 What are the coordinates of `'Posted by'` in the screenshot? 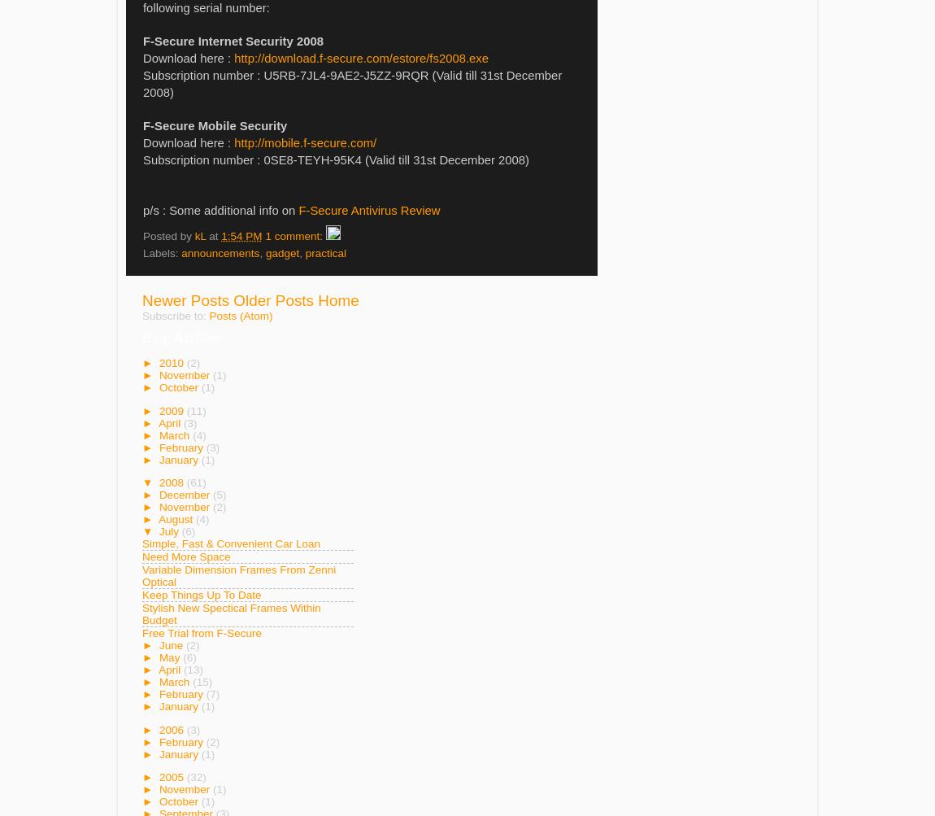 It's located at (167, 235).